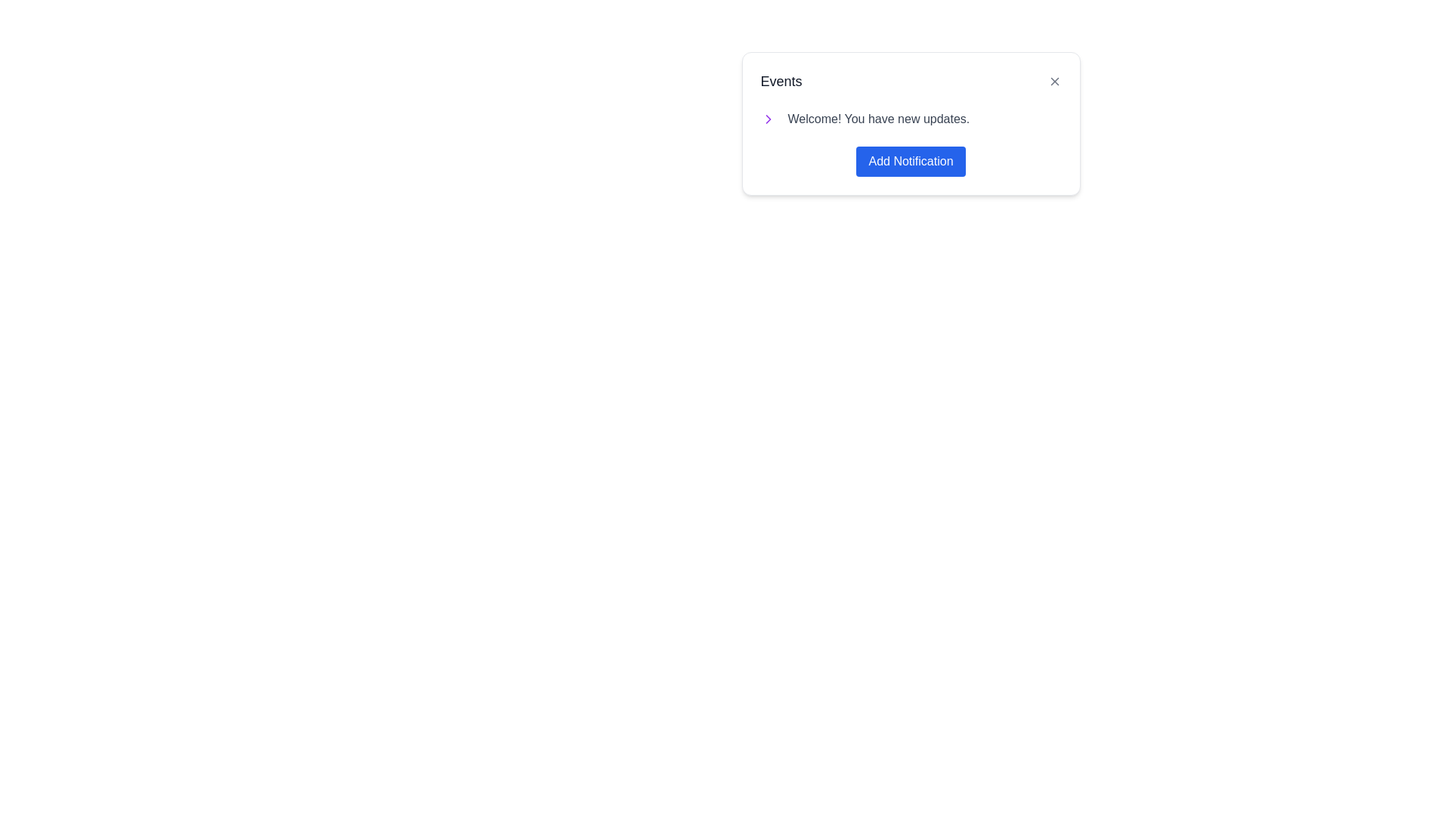 Image resolution: width=1451 pixels, height=816 pixels. Describe the element at coordinates (910, 161) in the screenshot. I see `the 'Add Notification' button located at the bottom of the 'Events' card, directly below the text 'Welcome! You have new updates.'` at that location.